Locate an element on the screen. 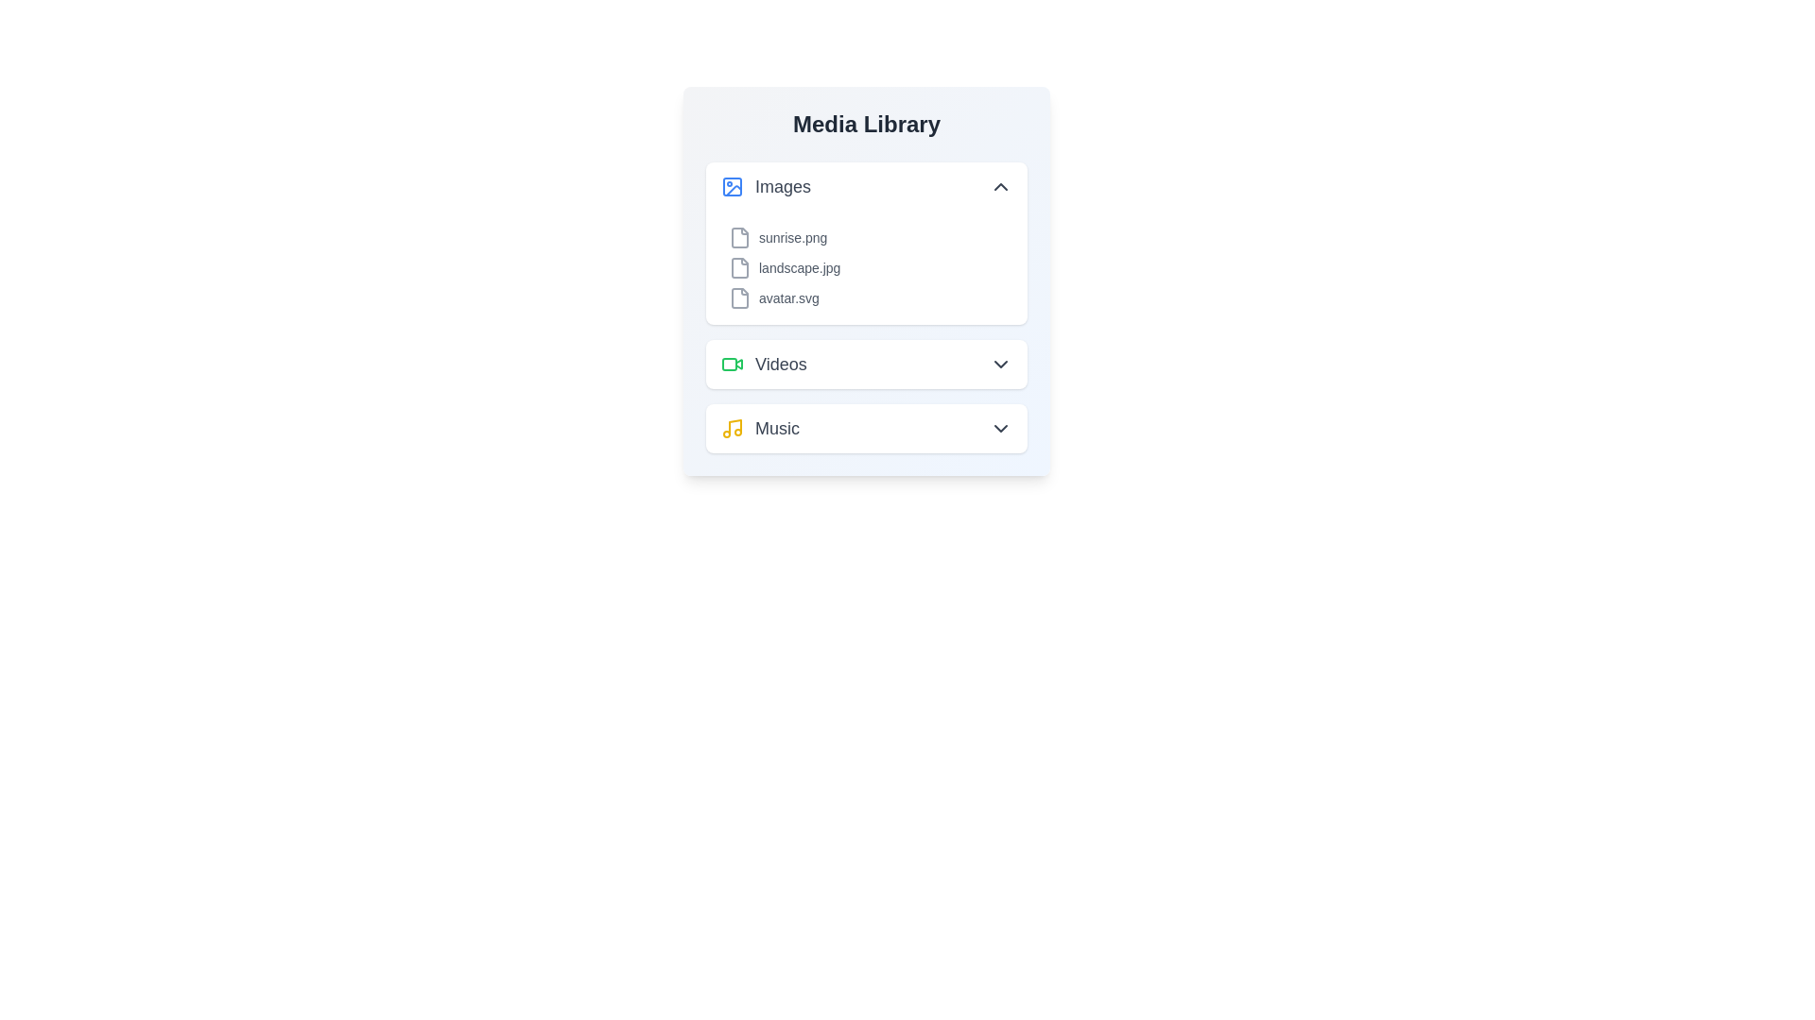 The height and width of the screenshot is (1020, 1815). the Chevron toggle icon located on the right-hand side of the 'Images' section for keyboard navigation is located at coordinates (1000, 186).